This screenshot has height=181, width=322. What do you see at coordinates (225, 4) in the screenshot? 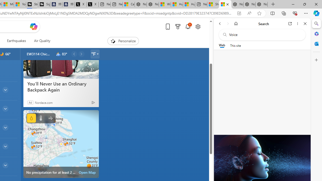
I see `'Shanghai, China hourly forecast | Microsoft Weather'` at bounding box center [225, 4].